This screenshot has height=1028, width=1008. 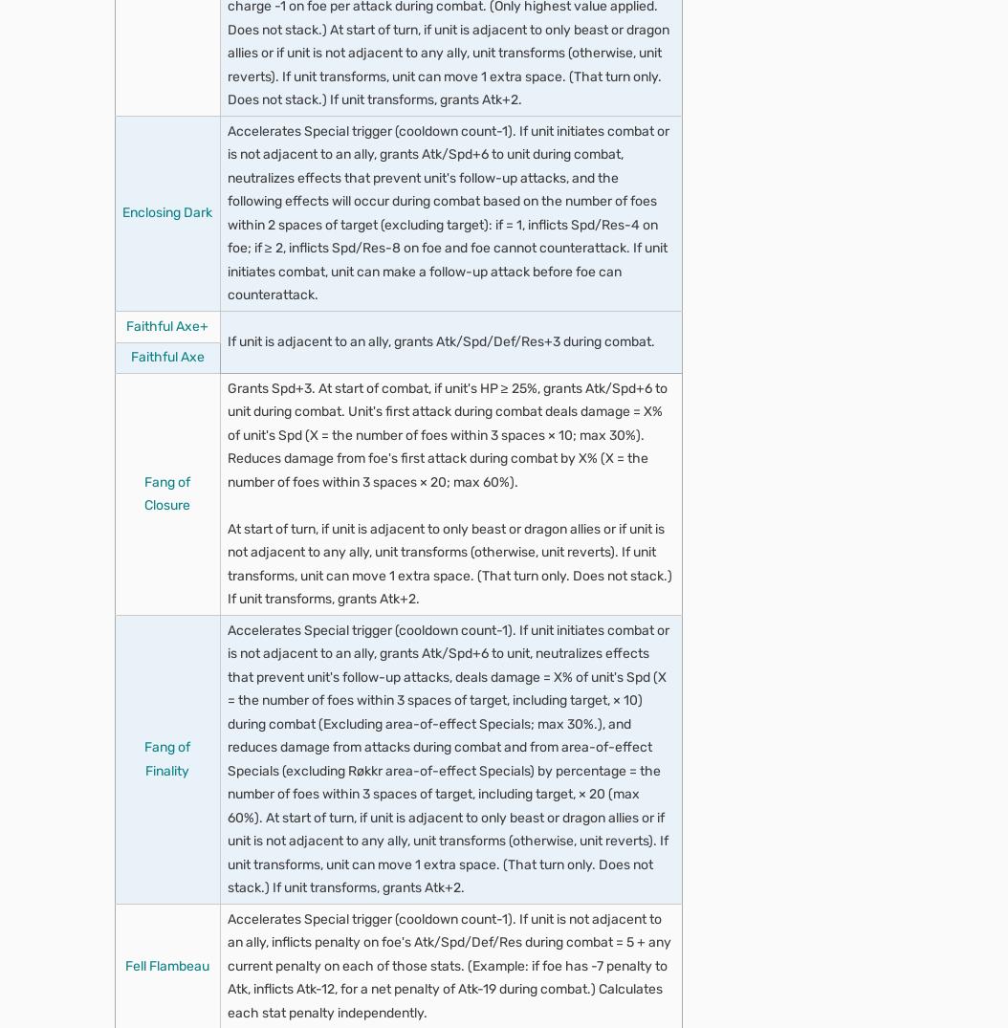 What do you see at coordinates (481, 862) in the screenshot?
I see `'If unit attacked'` at bounding box center [481, 862].